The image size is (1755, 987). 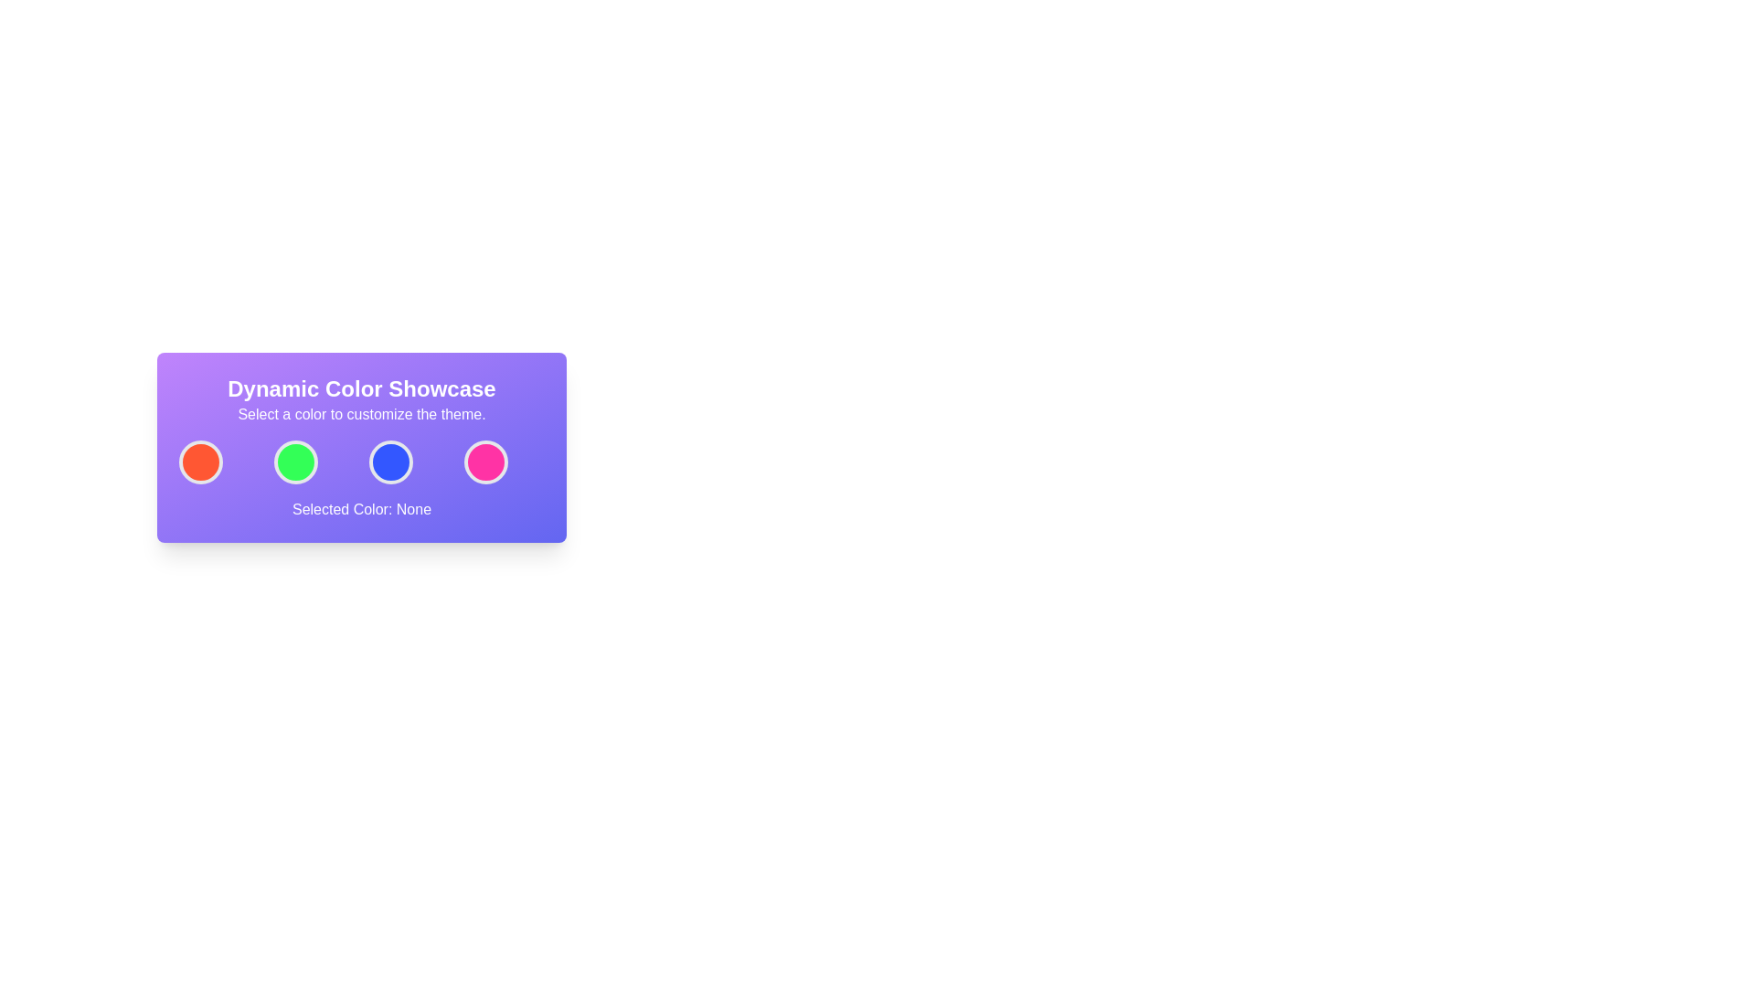 What do you see at coordinates (412, 509) in the screenshot?
I see `the text label displaying 'None' in bold white font on a purple background, which is part of the sentence 'Selected Color: None' located at the bottom of the card-like section` at bounding box center [412, 509].